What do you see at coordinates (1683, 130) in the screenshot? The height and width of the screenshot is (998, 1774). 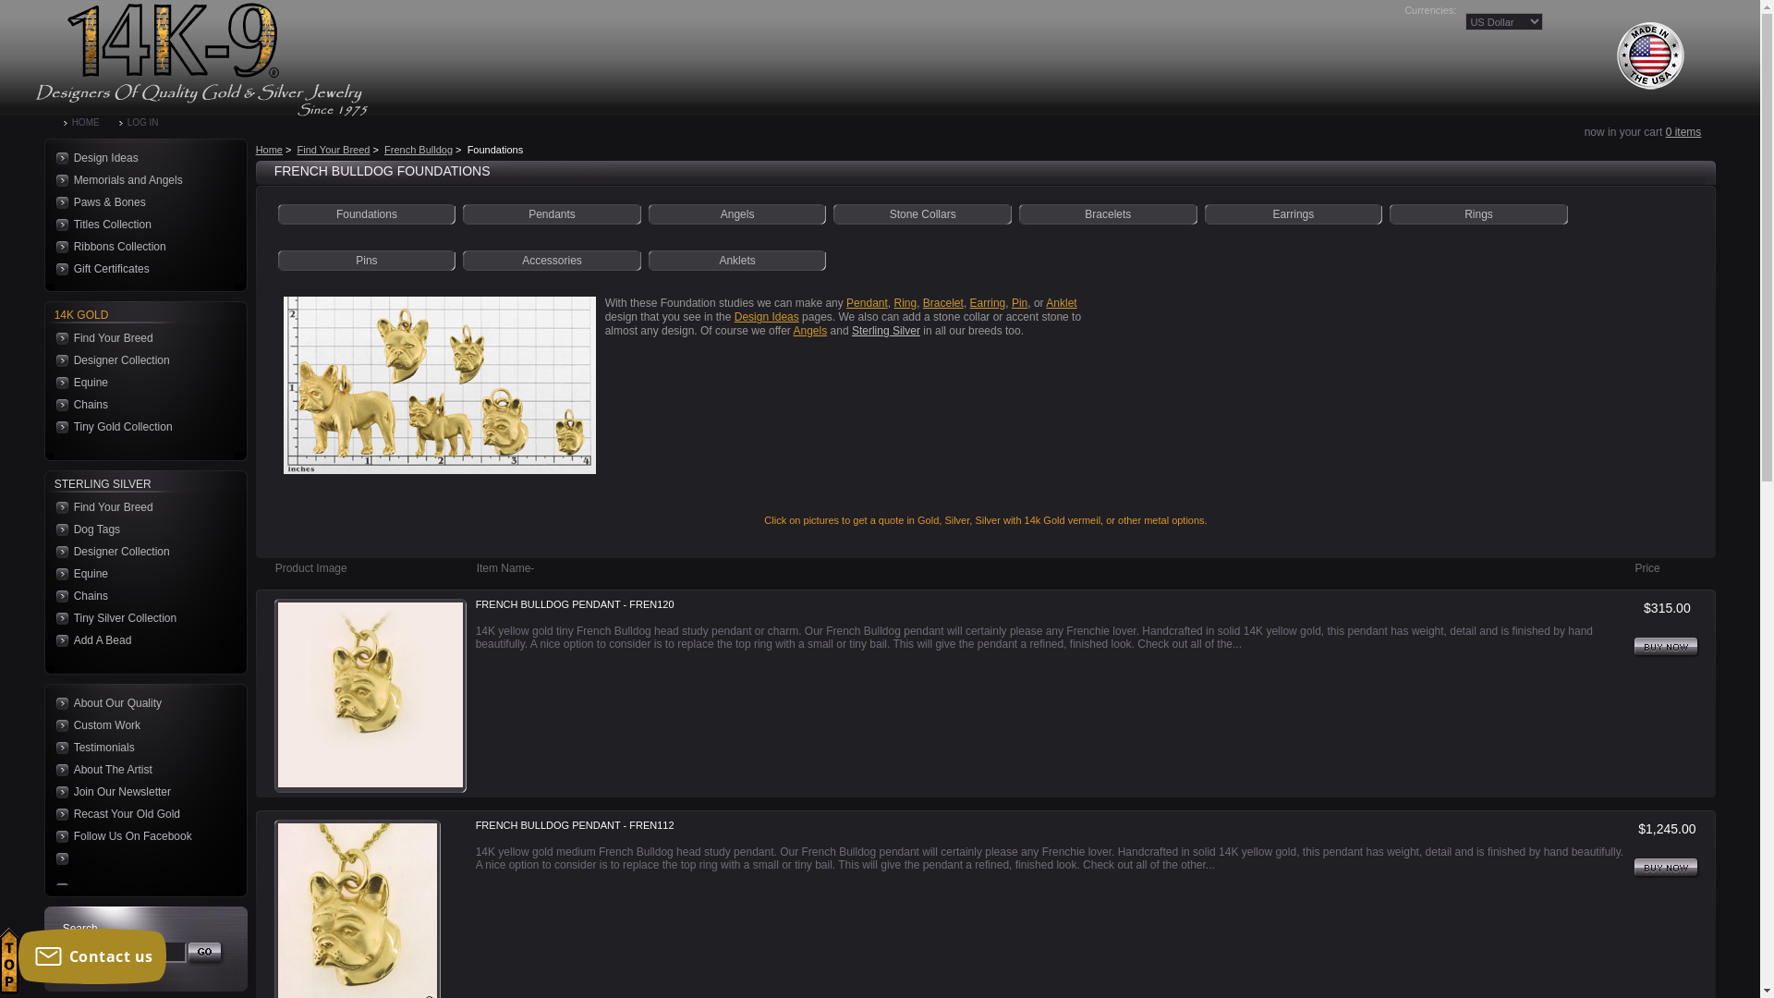 I see `'0 items'` at bounding box center [1683, 130].